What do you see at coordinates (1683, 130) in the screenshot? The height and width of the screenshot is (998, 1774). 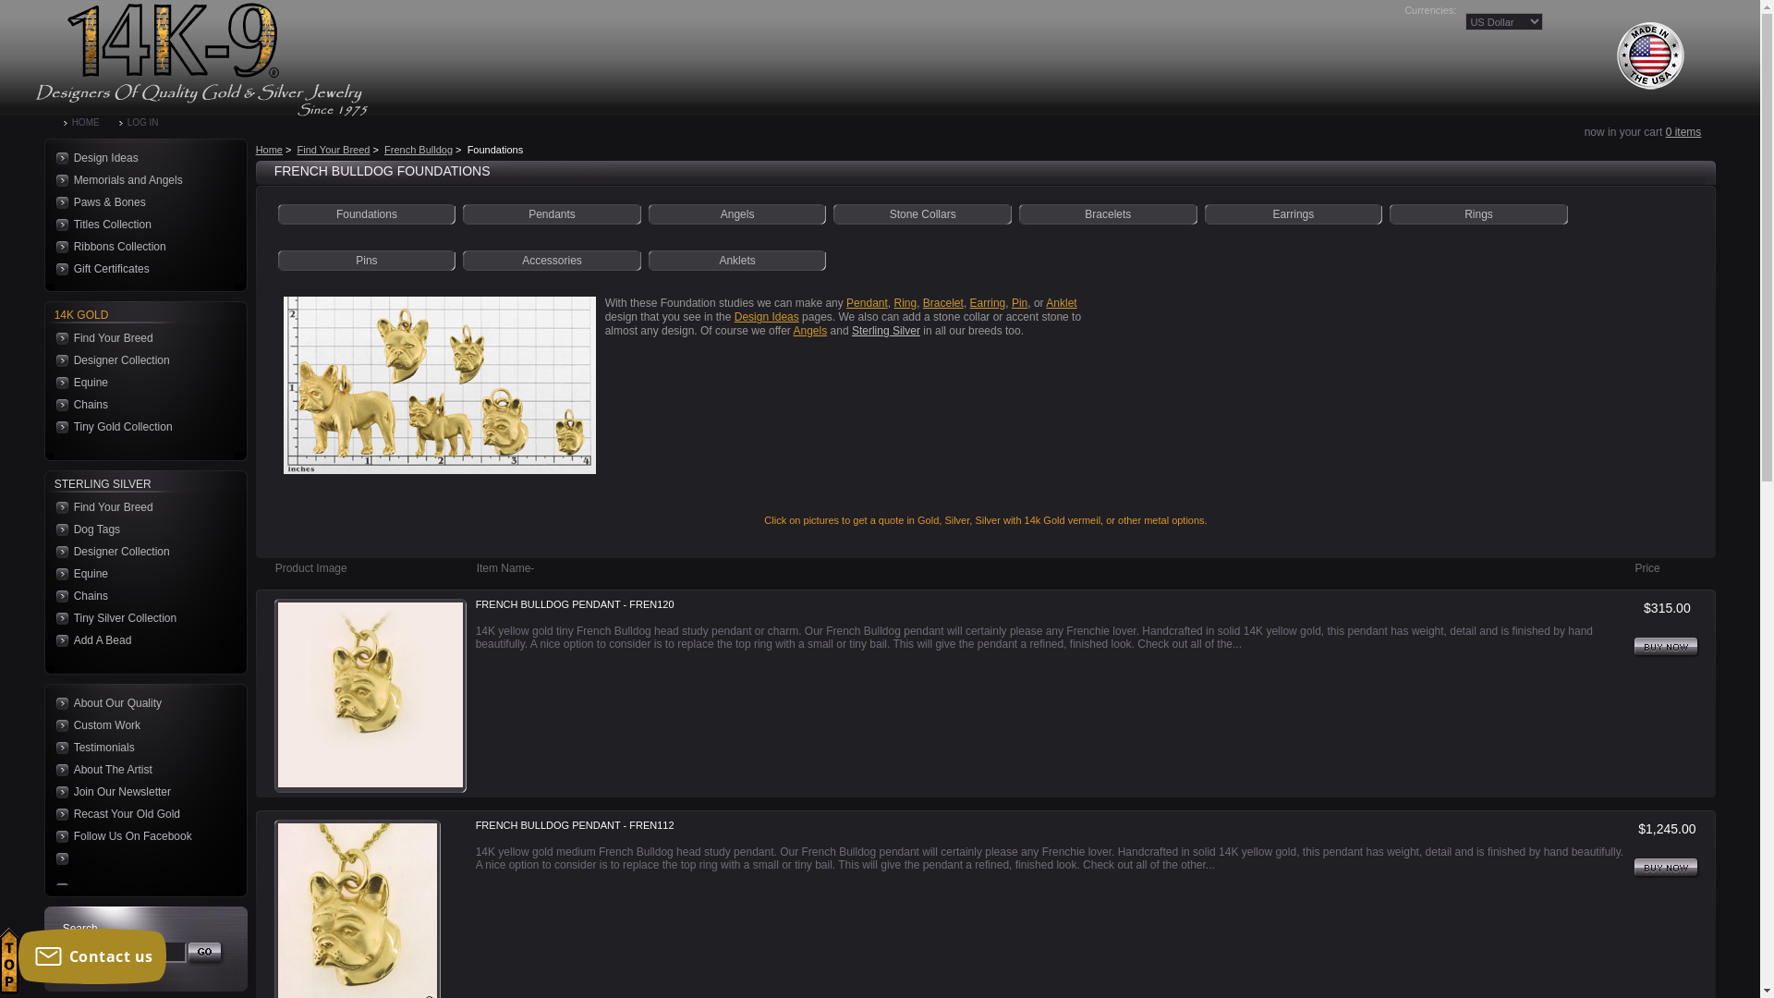 I see `'0 items'` at bounding box center [1683, 130].